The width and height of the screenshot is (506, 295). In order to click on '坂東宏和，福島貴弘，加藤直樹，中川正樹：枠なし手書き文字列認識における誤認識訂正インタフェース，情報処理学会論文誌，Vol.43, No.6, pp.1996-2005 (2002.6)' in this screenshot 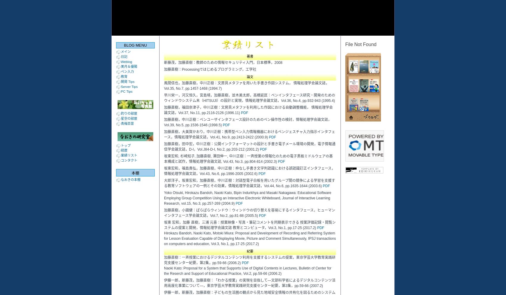, I will do `click(249, 171)`.